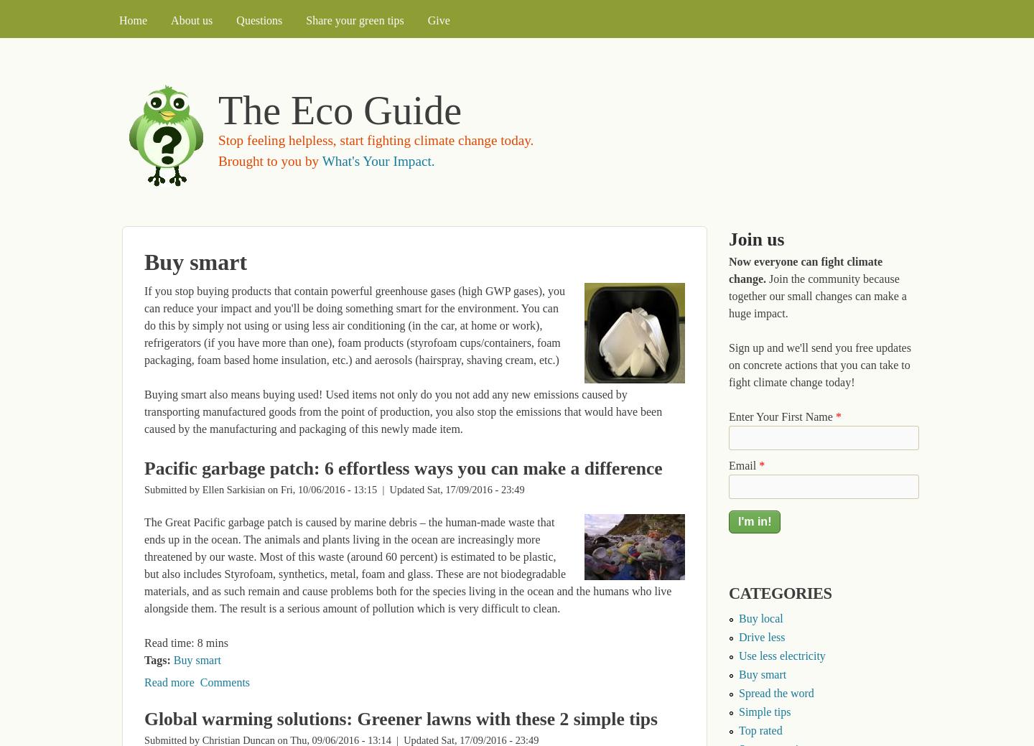 The image size is (1034, 746). I want to click on 'Give', so click(437, 19).